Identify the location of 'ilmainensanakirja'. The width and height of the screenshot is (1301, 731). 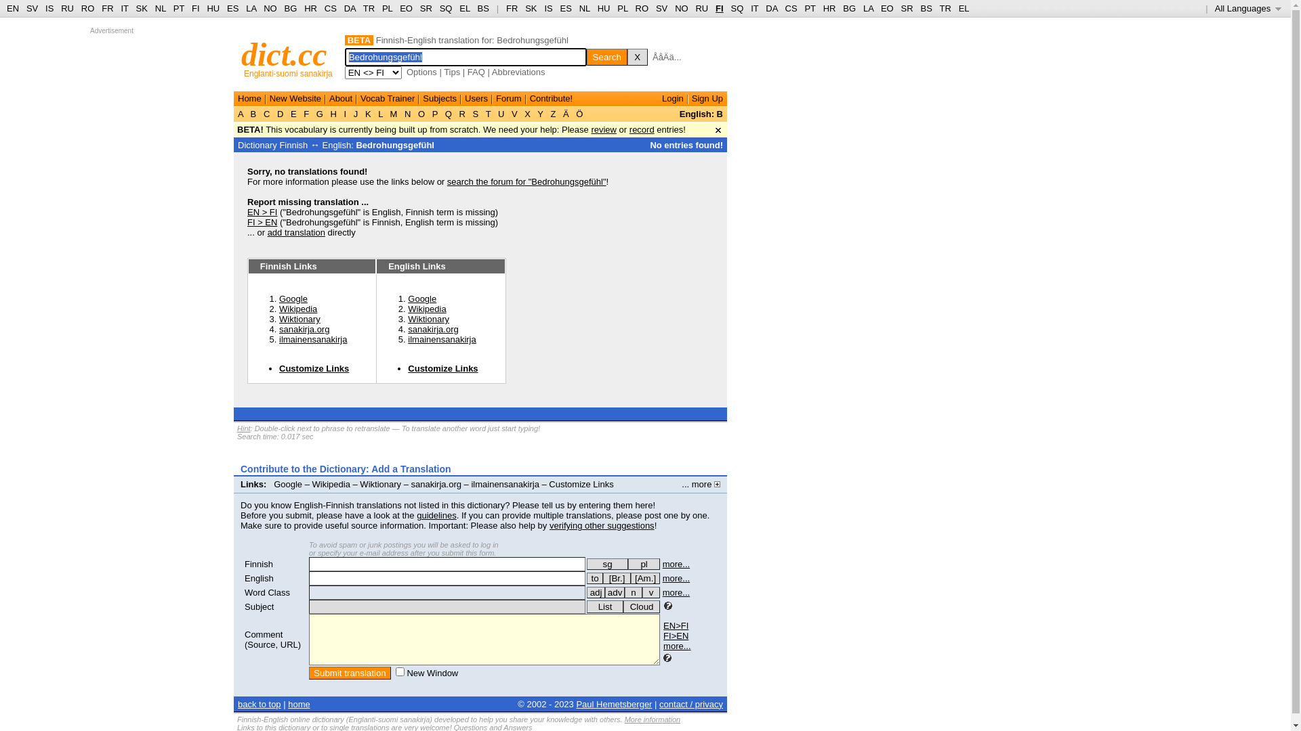
(503, 483).